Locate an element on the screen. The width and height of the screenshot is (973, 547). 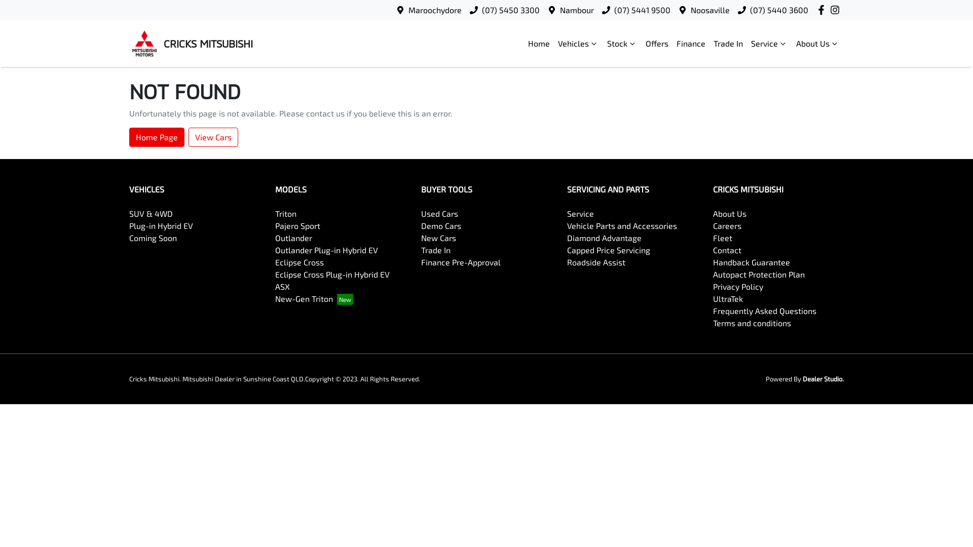
'SUV & 4WD' is located at coordinates (150, 213).